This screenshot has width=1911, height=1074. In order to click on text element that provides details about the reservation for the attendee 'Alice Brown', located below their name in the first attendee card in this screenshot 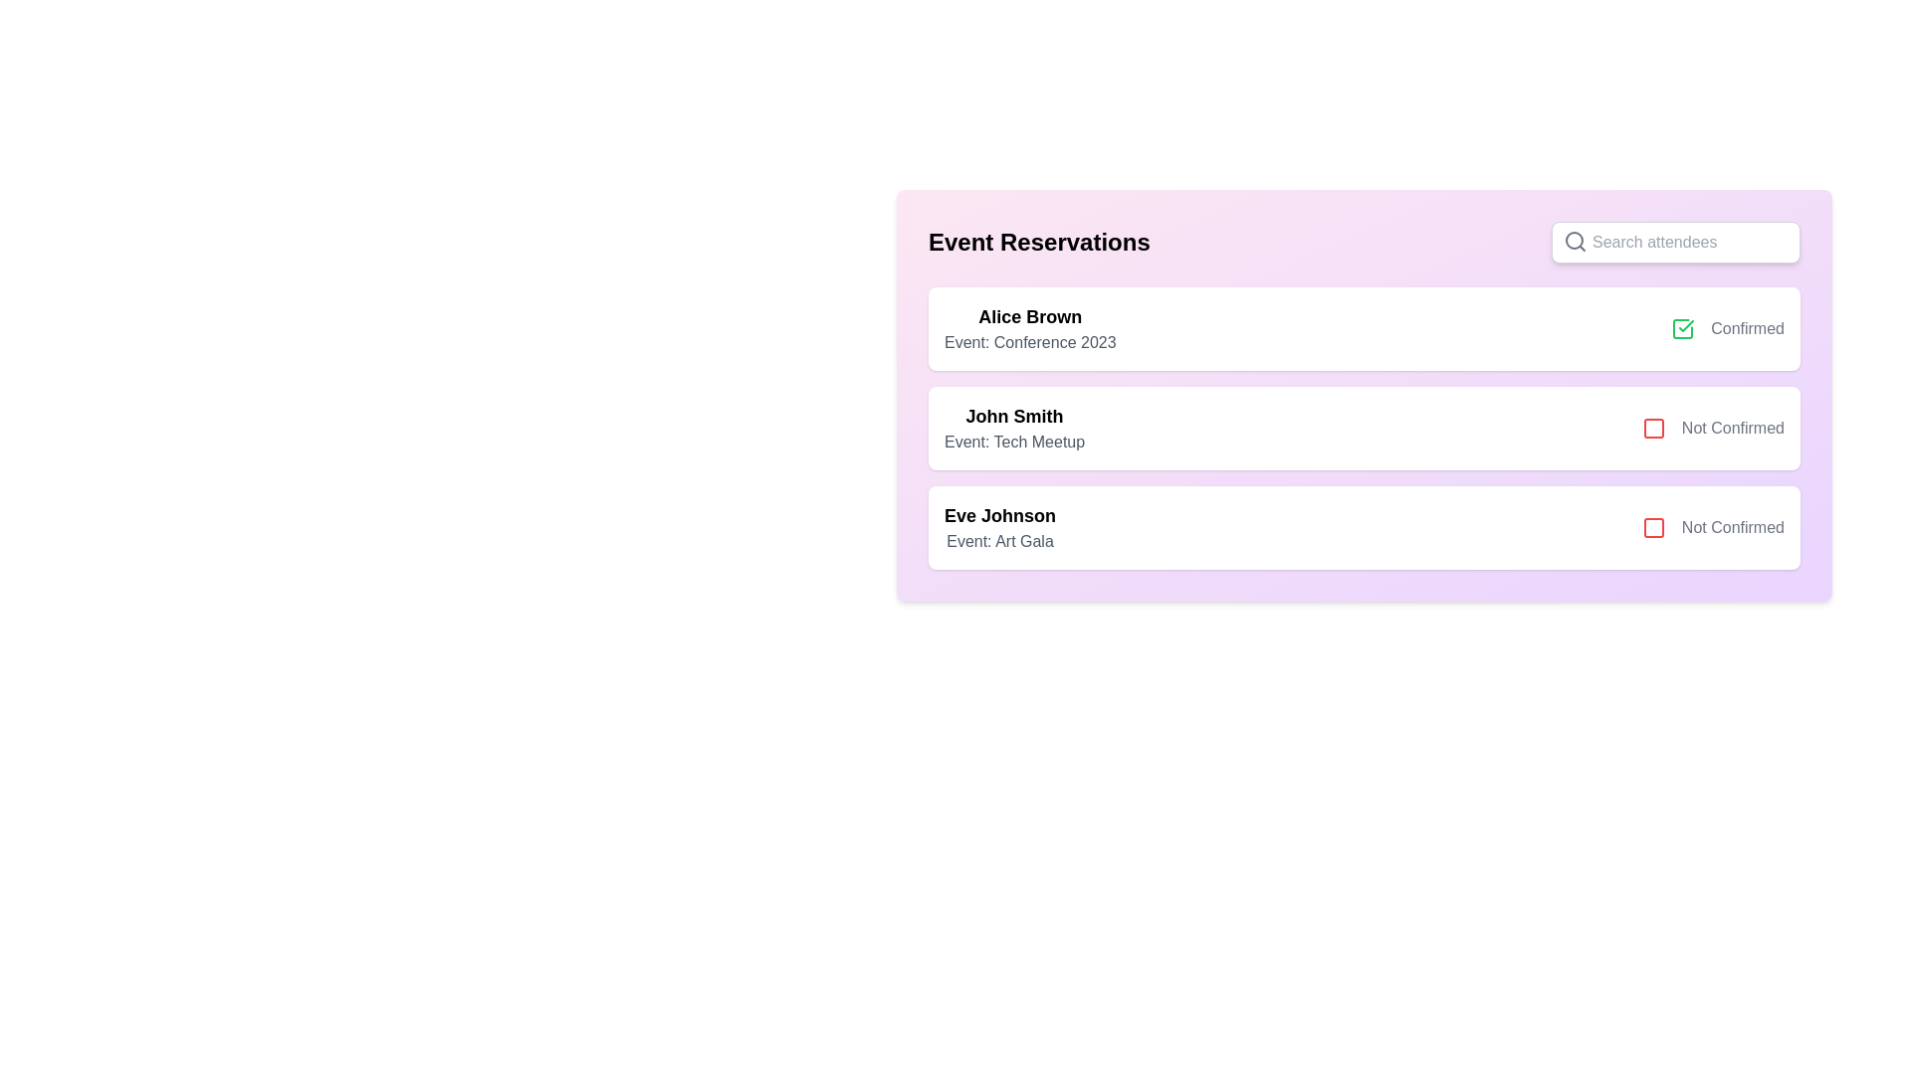, I will do `click(1030, 341)`.